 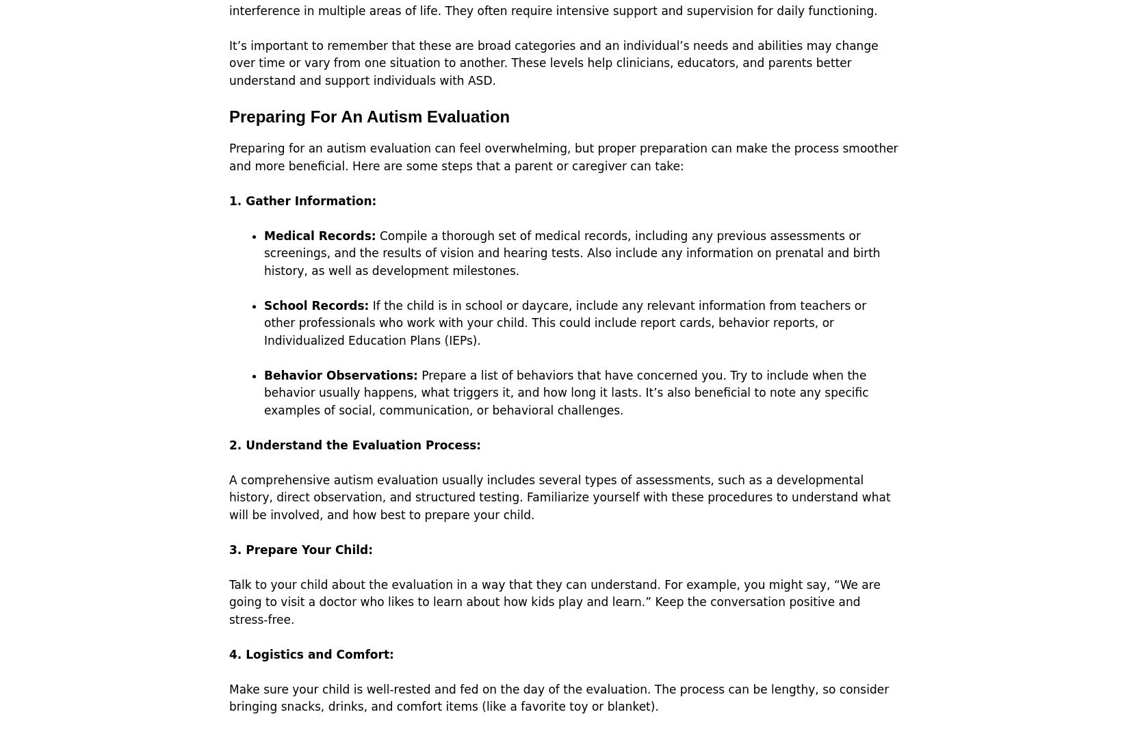 I want to click on 'Preparing for an autism evaluation can feel overwhelming, but proper preparation can make the process smoother and more beneficial. Here are some steps that a parent or caregiver can take:', so click(x=562, y=157).